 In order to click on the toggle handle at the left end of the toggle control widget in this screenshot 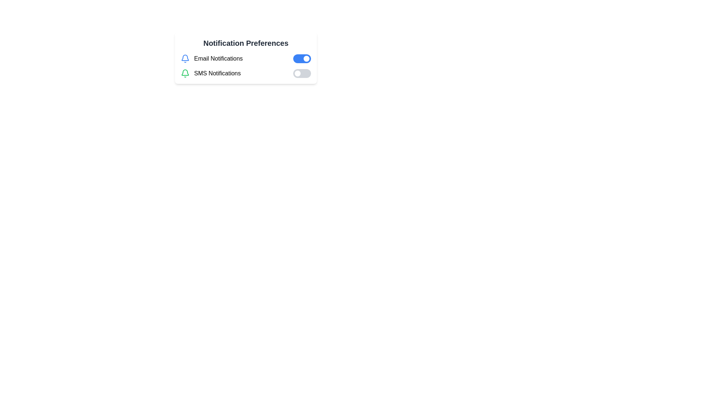, I will do `click(298, 74)`.